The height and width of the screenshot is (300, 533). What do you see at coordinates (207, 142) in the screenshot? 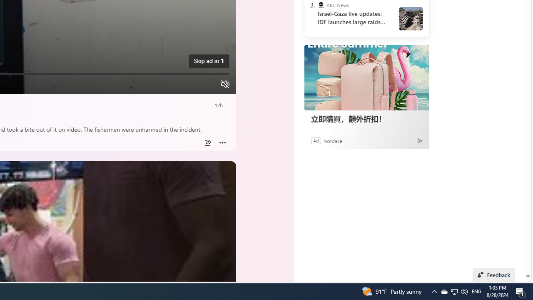
I see `'Share'` at bounding box center [207, 142].